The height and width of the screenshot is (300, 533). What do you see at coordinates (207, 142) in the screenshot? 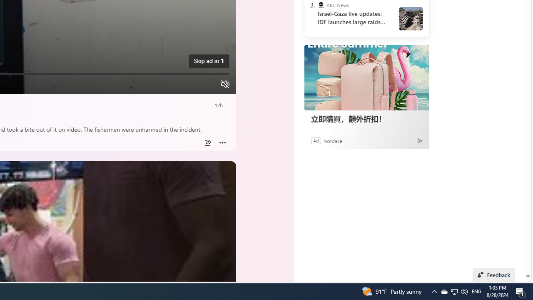
I see `'Share'` at bounding box center [207, 142].